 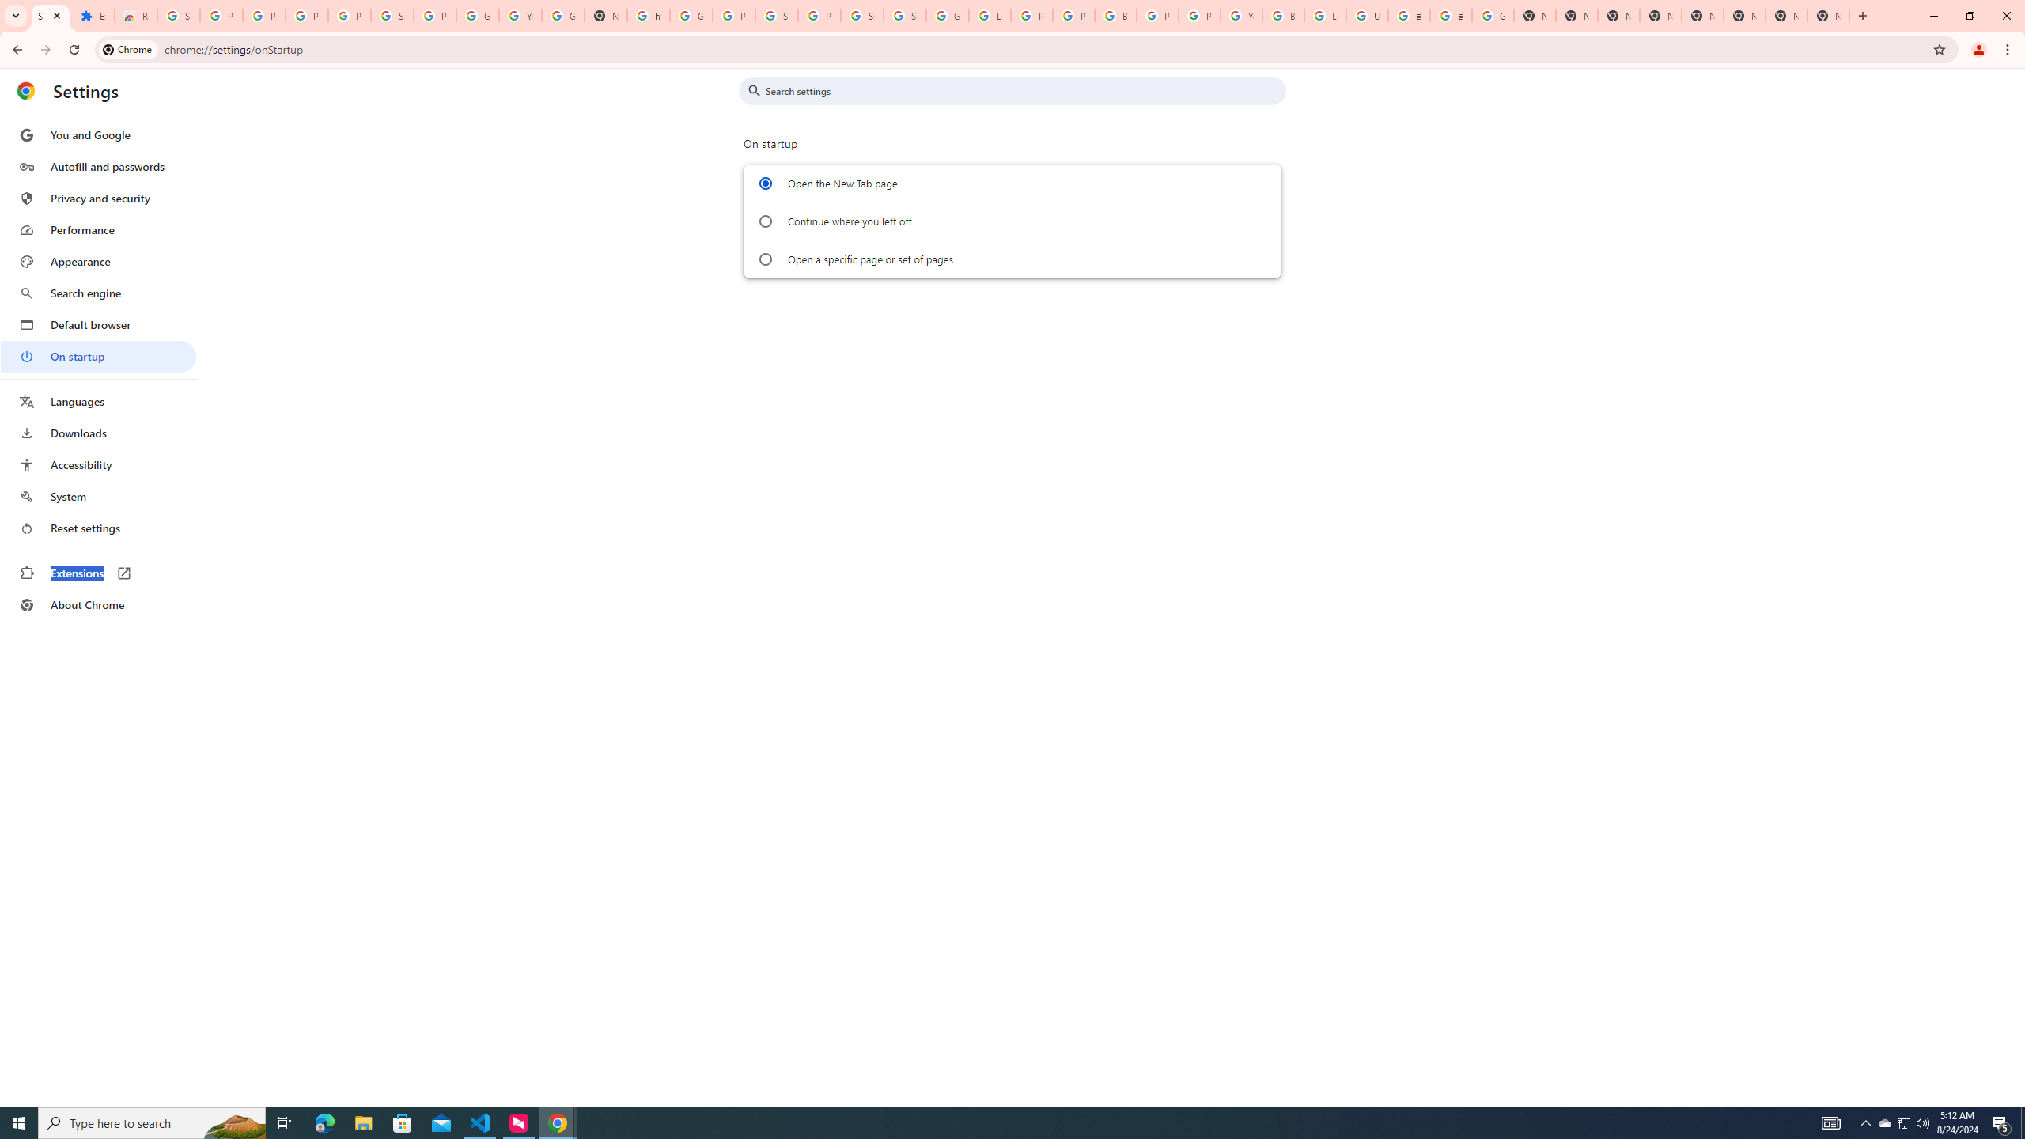 What do you see at coordinates (1283, 15) in the screenshot?
I see `'Browse Chrome as a guest - Computer - Google Chrome Help'` at bounding box center [1283, 15].